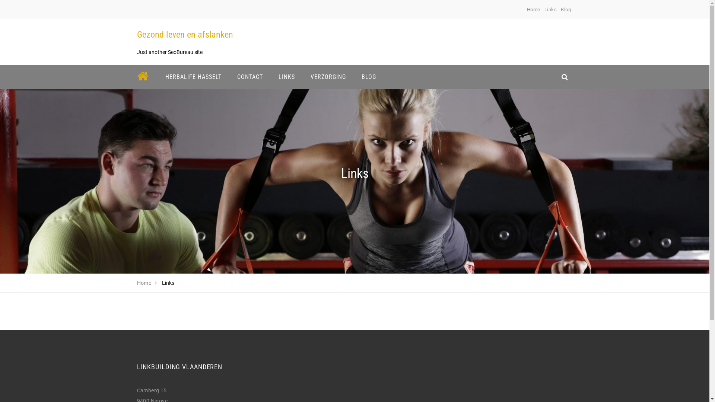 This screenshot has width=715, height=402. Describe the element at coordinates (564, 77) in the screenshot. I see `'search_icon'` at that location.